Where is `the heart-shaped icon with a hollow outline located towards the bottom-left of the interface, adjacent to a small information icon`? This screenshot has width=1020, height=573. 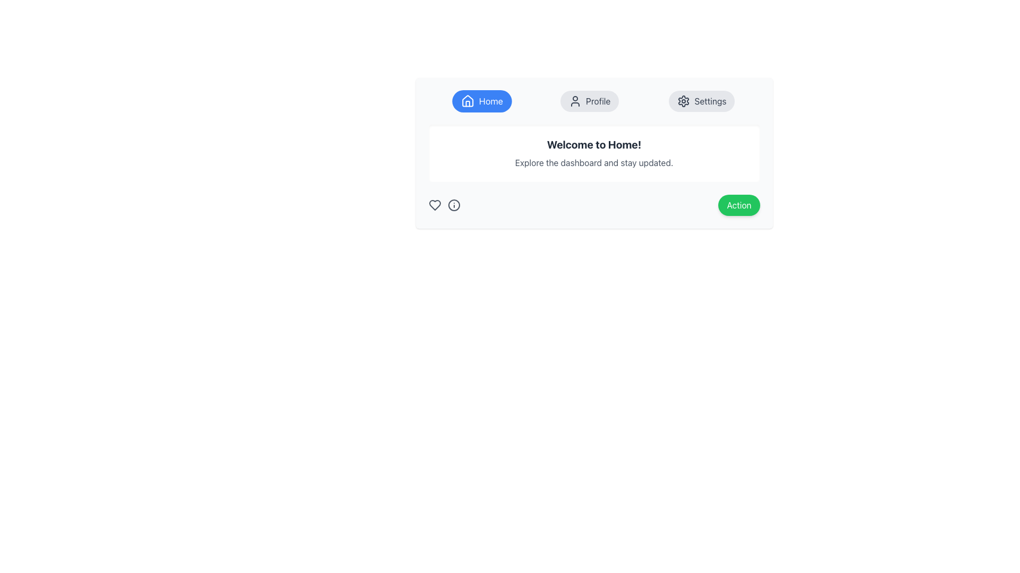 the heart-shaped icon with a hollow outline located towards the bottom-left of the interface, adjacent to a small information icon is located at coordinates (435, 205).